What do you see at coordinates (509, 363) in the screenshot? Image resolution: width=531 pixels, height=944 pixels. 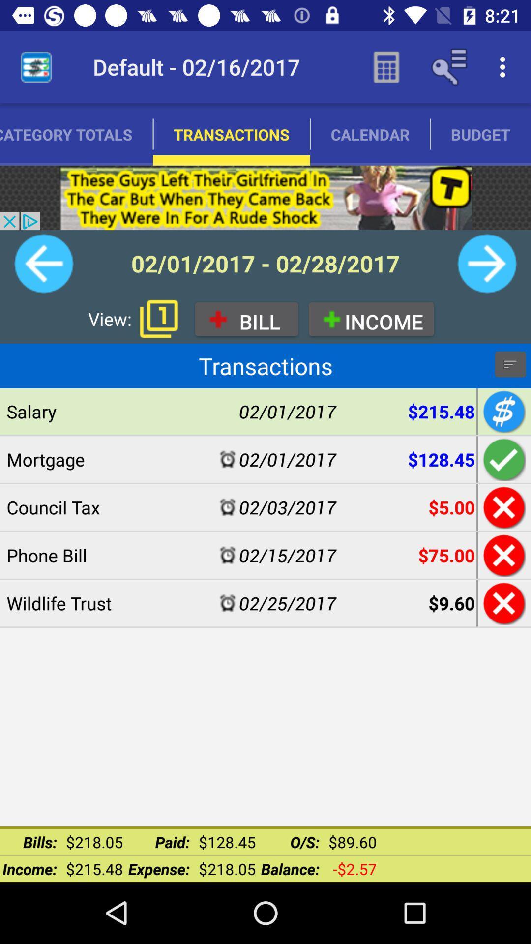 I see `the filter_list icon` at bounding box center [509, 363].